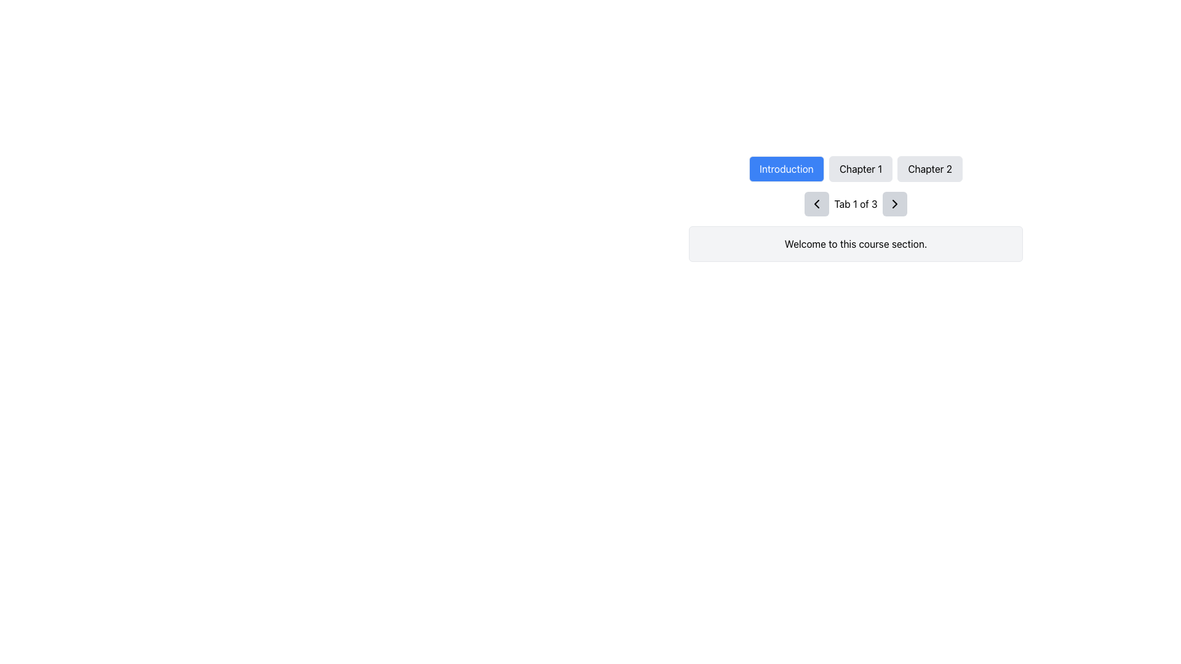 The image size is (1181, 664). What do you see at coordinates (860, 168) in the screenshot?
I see `the 'Chapter 1' button, which is a rectangular button with a light gray background and black text` at bounding box center [860, 168].